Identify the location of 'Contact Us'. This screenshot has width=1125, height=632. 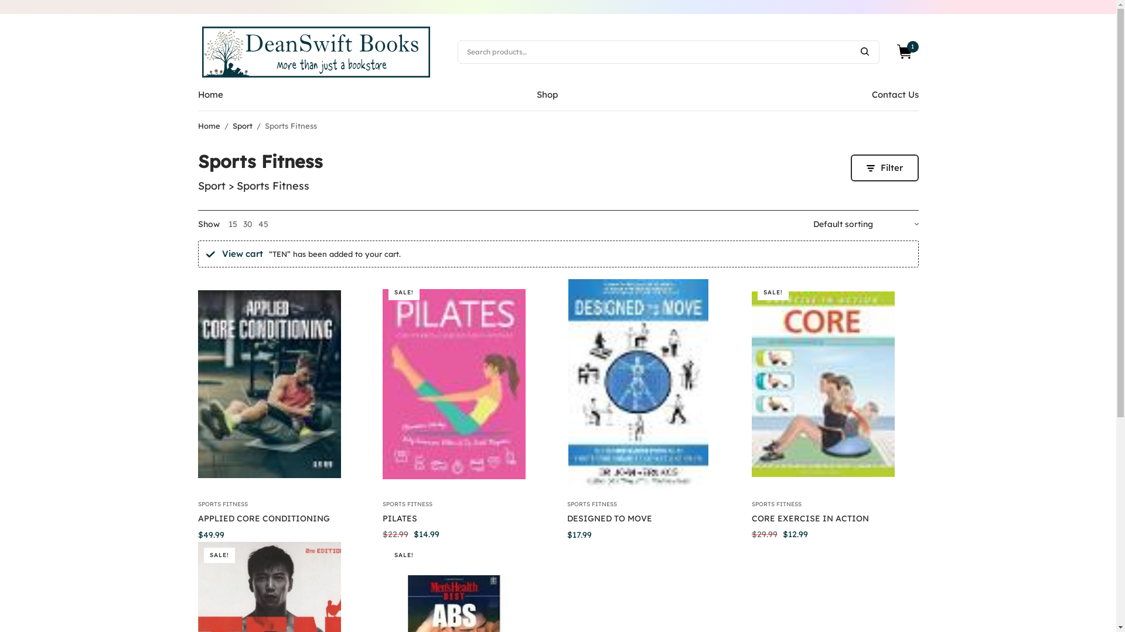
(894, 94).